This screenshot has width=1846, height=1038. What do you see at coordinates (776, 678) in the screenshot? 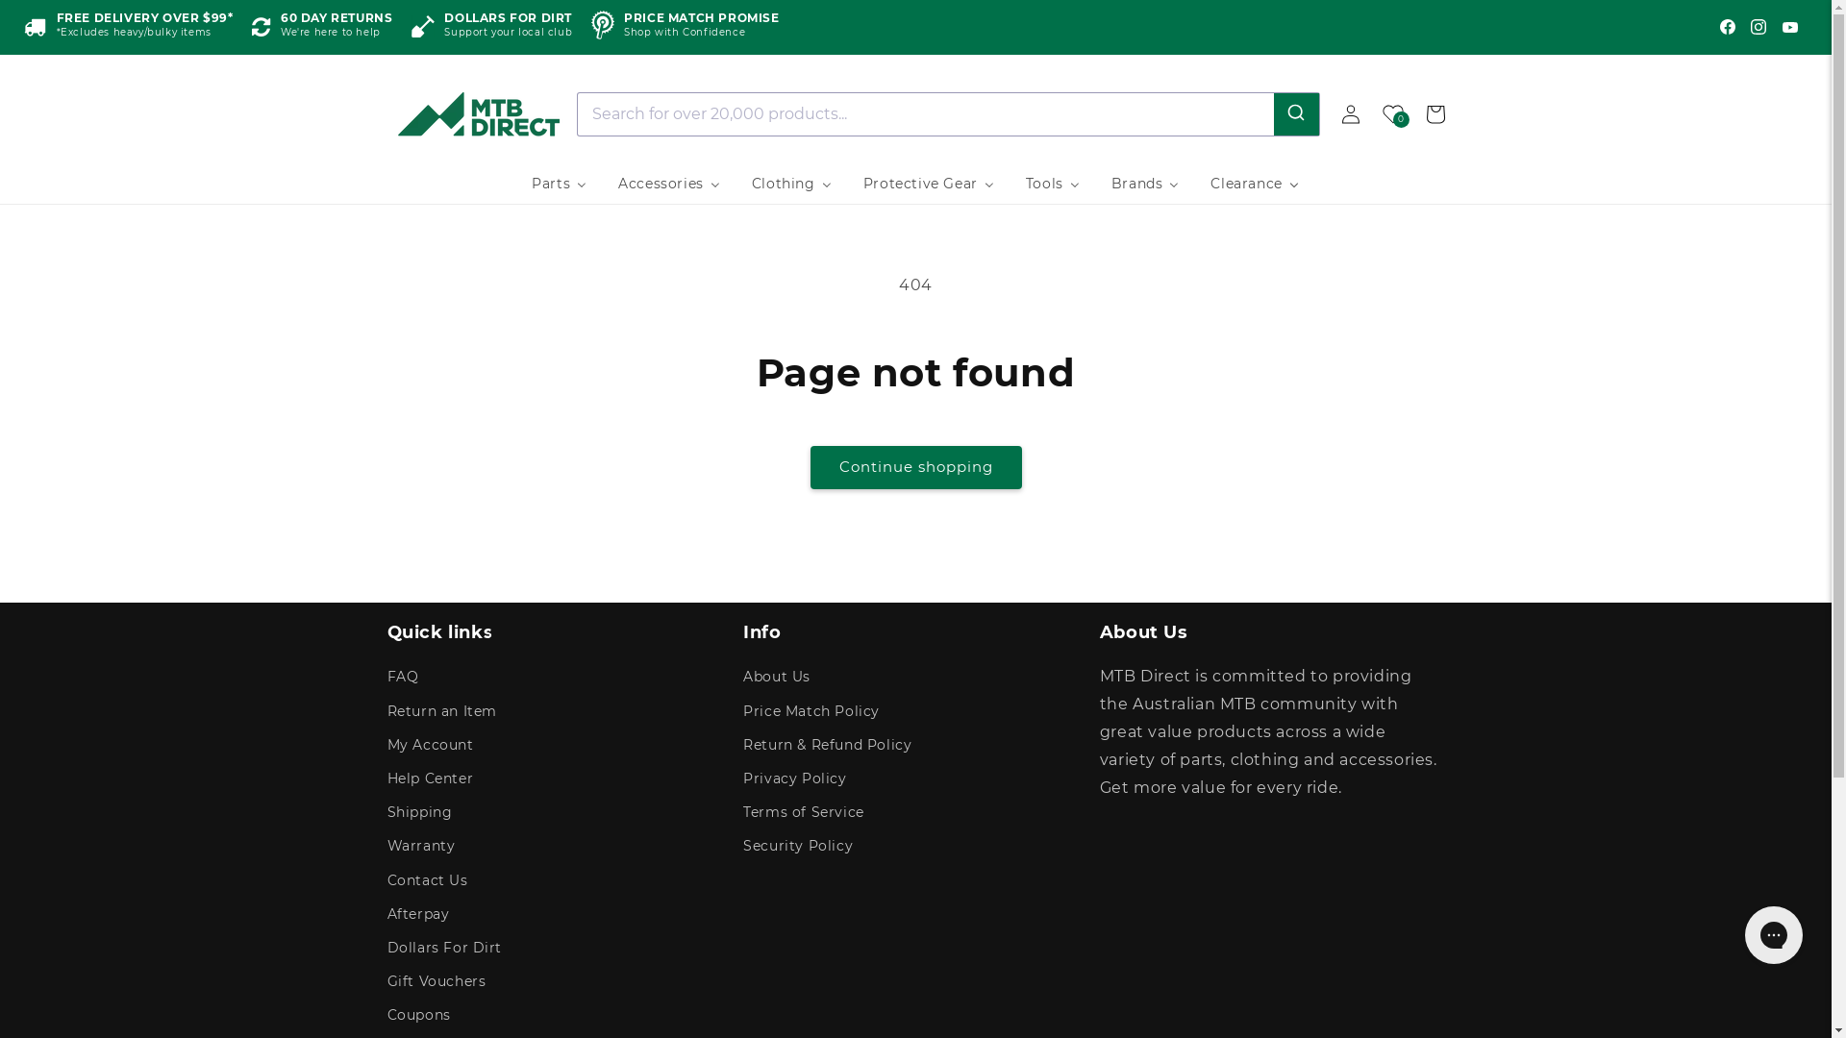
I see `'About Us'` at bounding box center [776, 678].